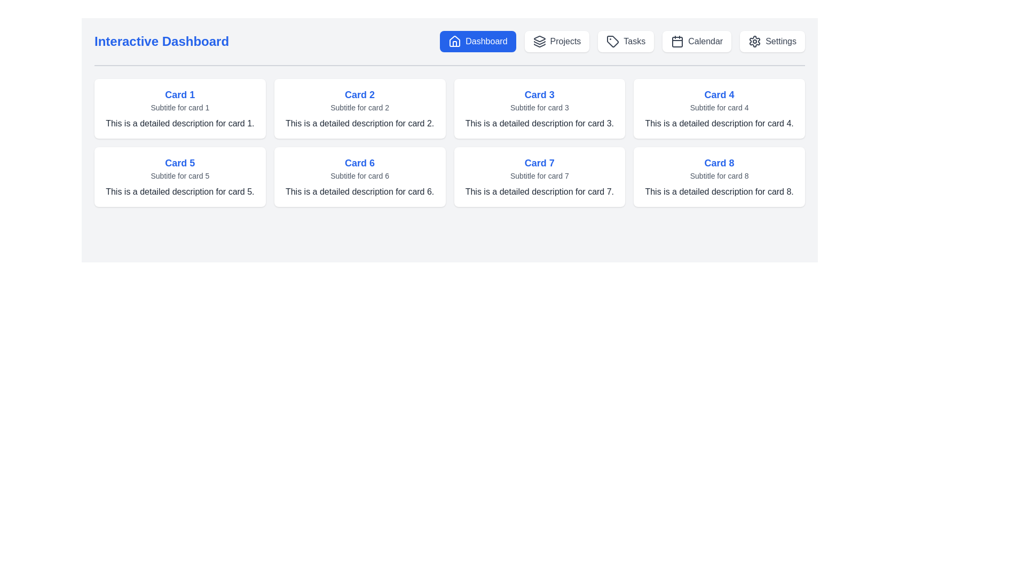 This screenshot has height=576, width=1025. Describe the element at coordinates (754, 41) in the screenshot. I see `the settings icon located in the top-right corner of the interface, adjacent to the Calendar and Tasks icons` at that location.